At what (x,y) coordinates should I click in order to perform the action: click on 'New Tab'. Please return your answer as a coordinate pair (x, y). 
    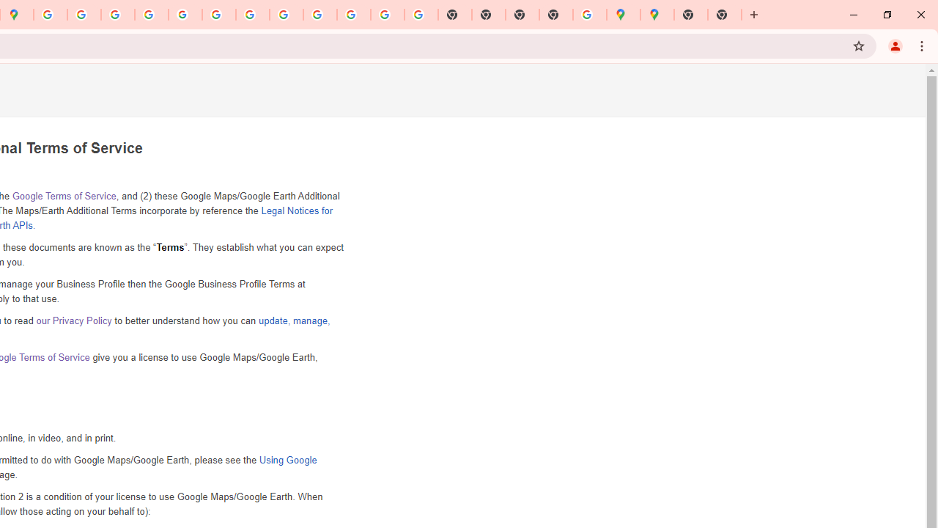
    Looking at the image, I should click on (690, 15).